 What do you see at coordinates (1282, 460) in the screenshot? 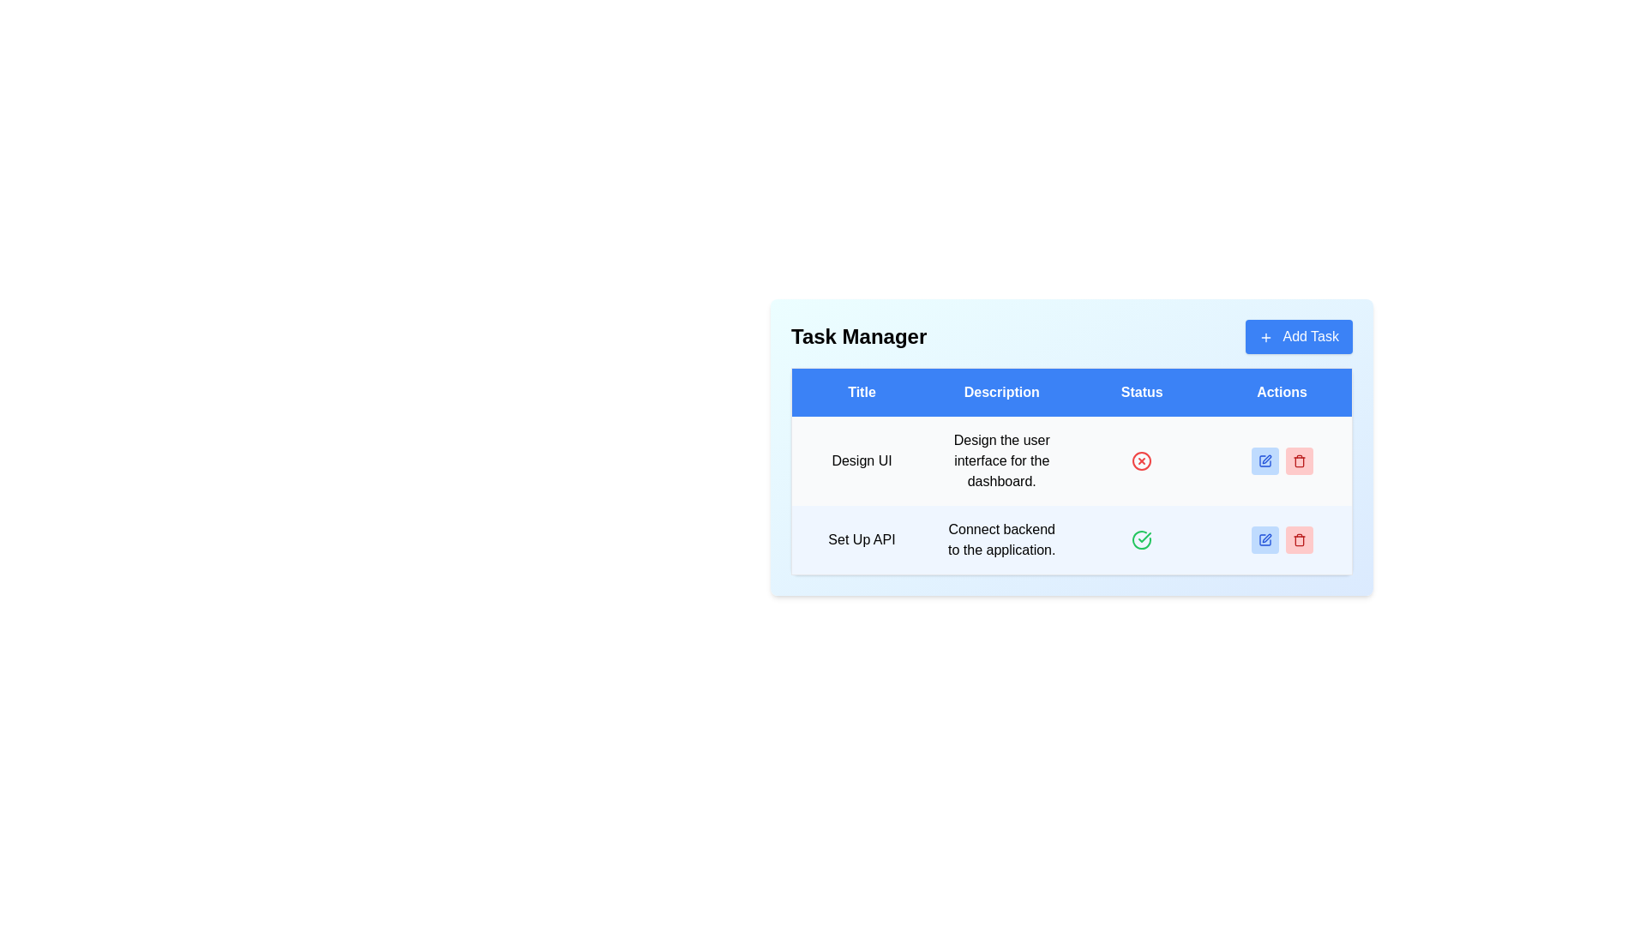
I see `the blue square button with a pen icon located in the 'Actions' column of the task management interface` at bounding box center [1282, 460].